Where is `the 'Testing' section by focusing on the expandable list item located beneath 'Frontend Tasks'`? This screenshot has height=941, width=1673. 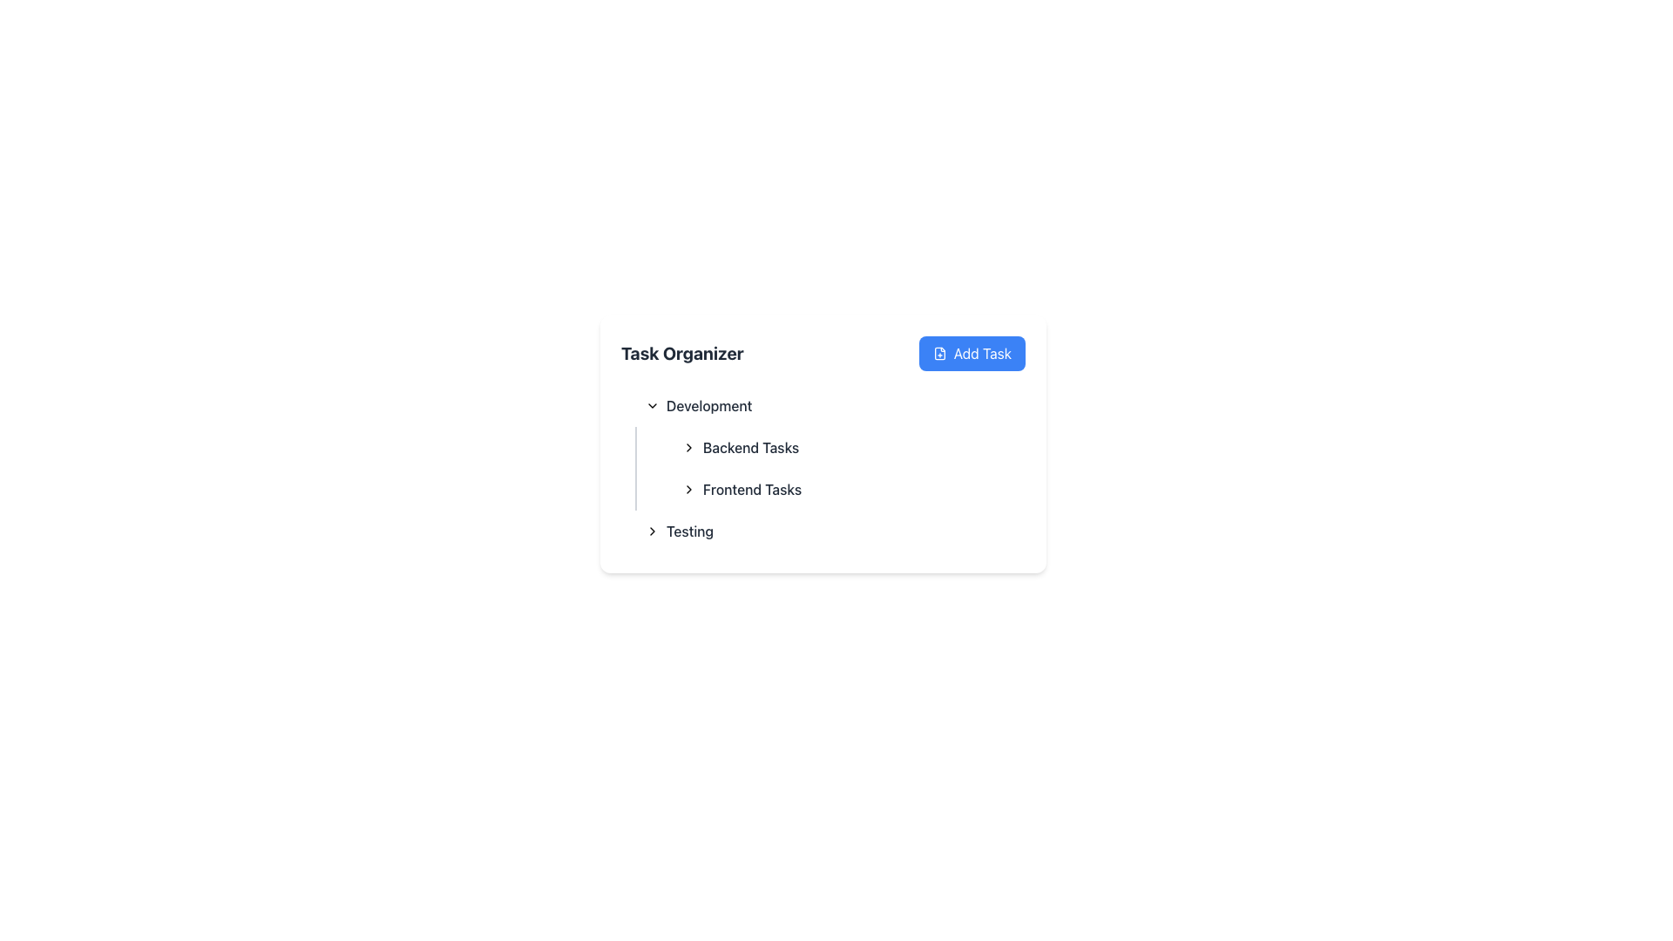
the 'Testing' section by focusing on the expandable list item located beneath 'Frontend Tasks' is located at coordinates (679, 530).